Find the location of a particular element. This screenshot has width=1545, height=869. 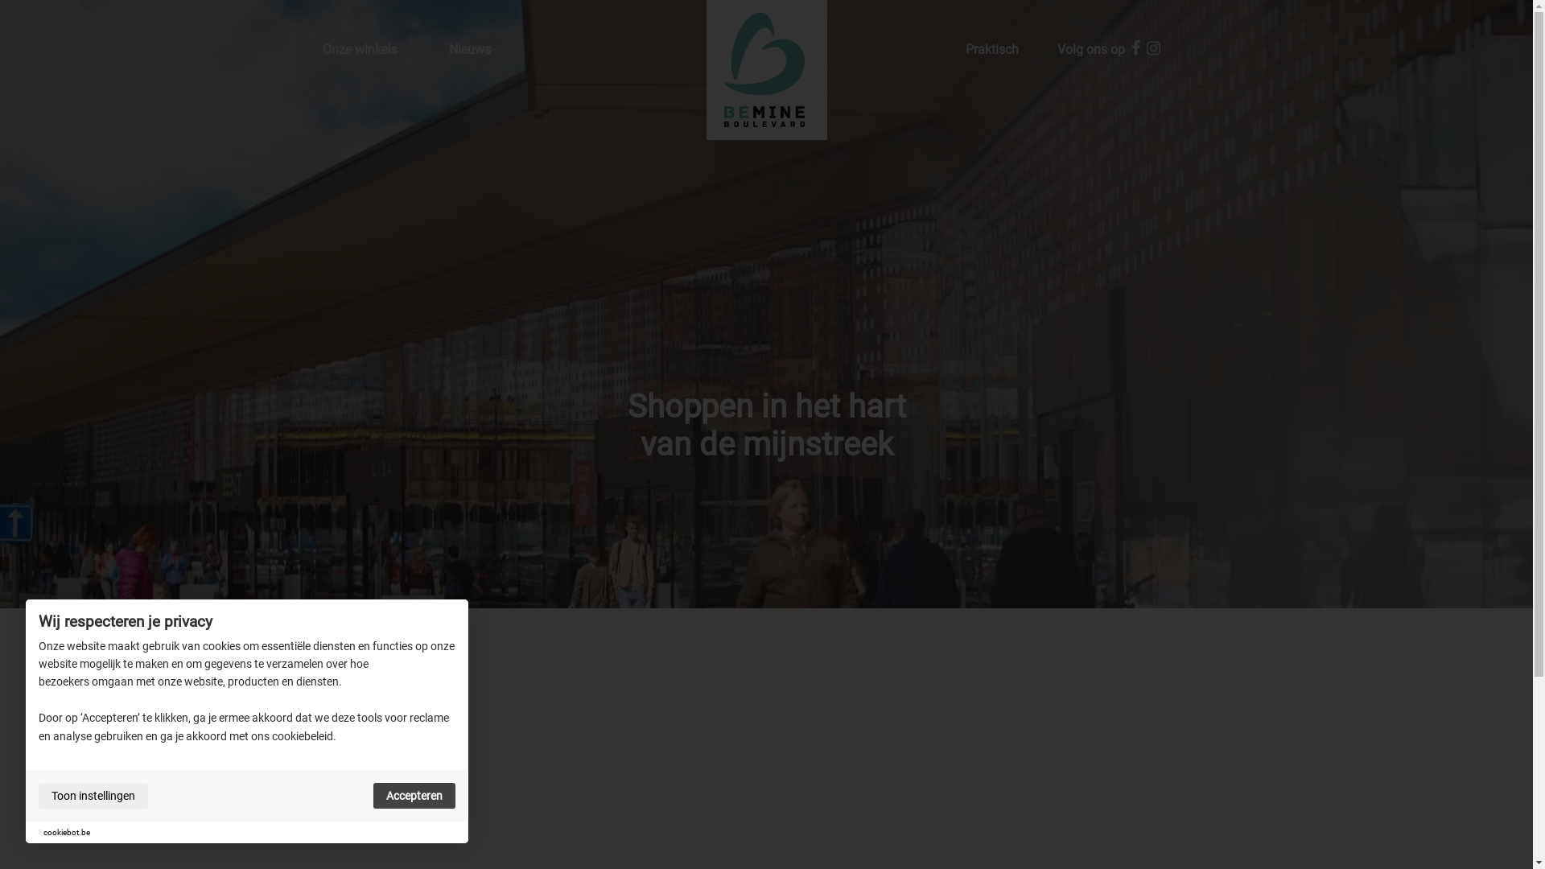

'Onze winkels' is located at coordinates (358, 48).